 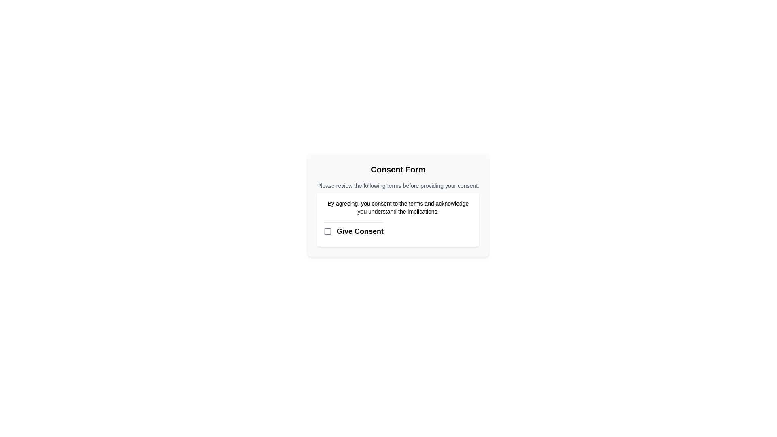 I want to click on the instructional Text Label that provides guidance on reviewing the consent terms, which is located below the 'Consent Form' title, so click(x=398, y=186).